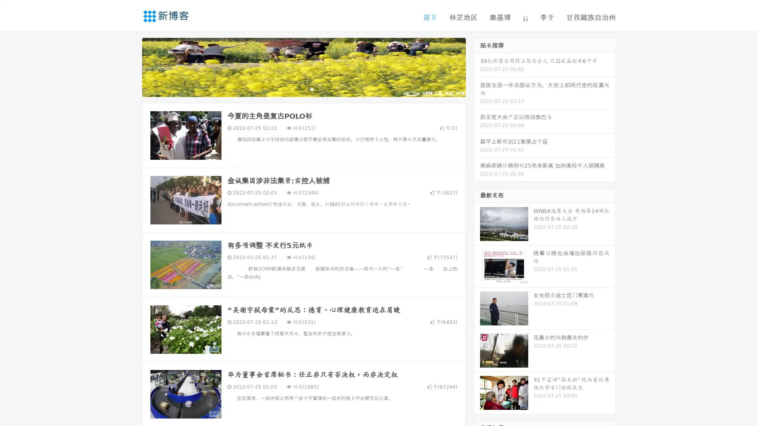 Image resolution: width=758 pixels, height=426 pixels. Describe the element at coordinates (477, 66) in the screenshot. I see `Next slide` at that location.